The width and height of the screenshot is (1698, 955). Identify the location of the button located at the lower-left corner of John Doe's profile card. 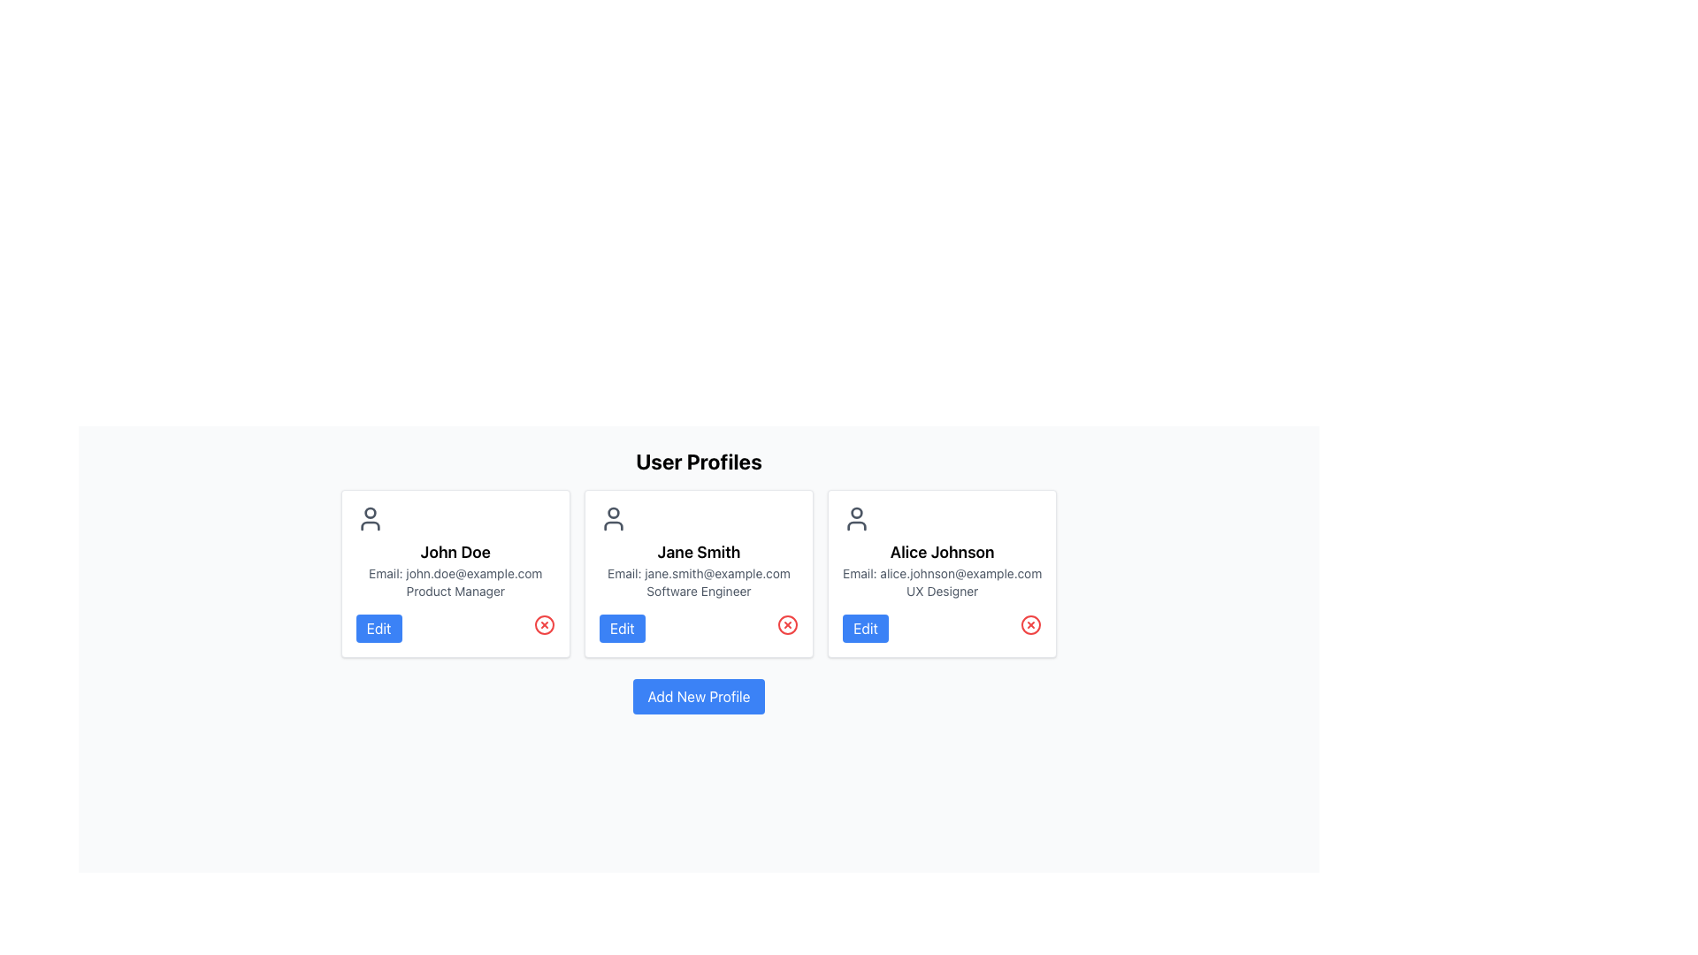
(378, 627).